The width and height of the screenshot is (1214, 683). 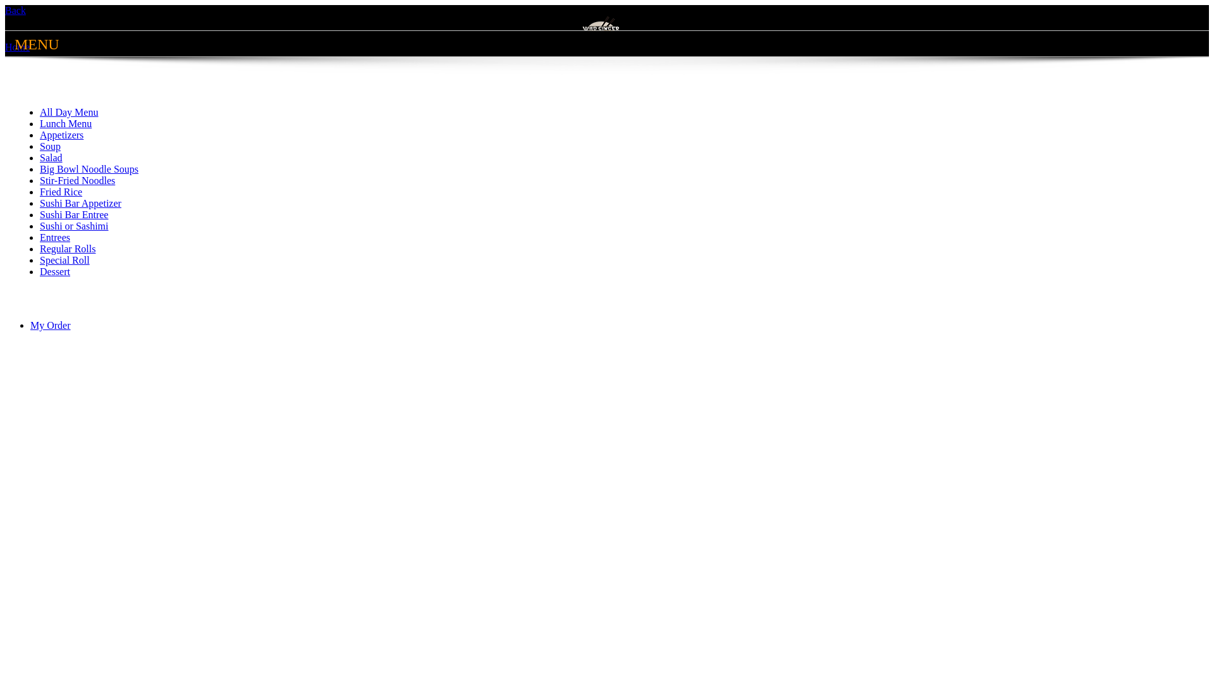 What do you see at coordinates (39, 145) in the screenshot?
I see `'Soup'` at bounding box center [39, 145].